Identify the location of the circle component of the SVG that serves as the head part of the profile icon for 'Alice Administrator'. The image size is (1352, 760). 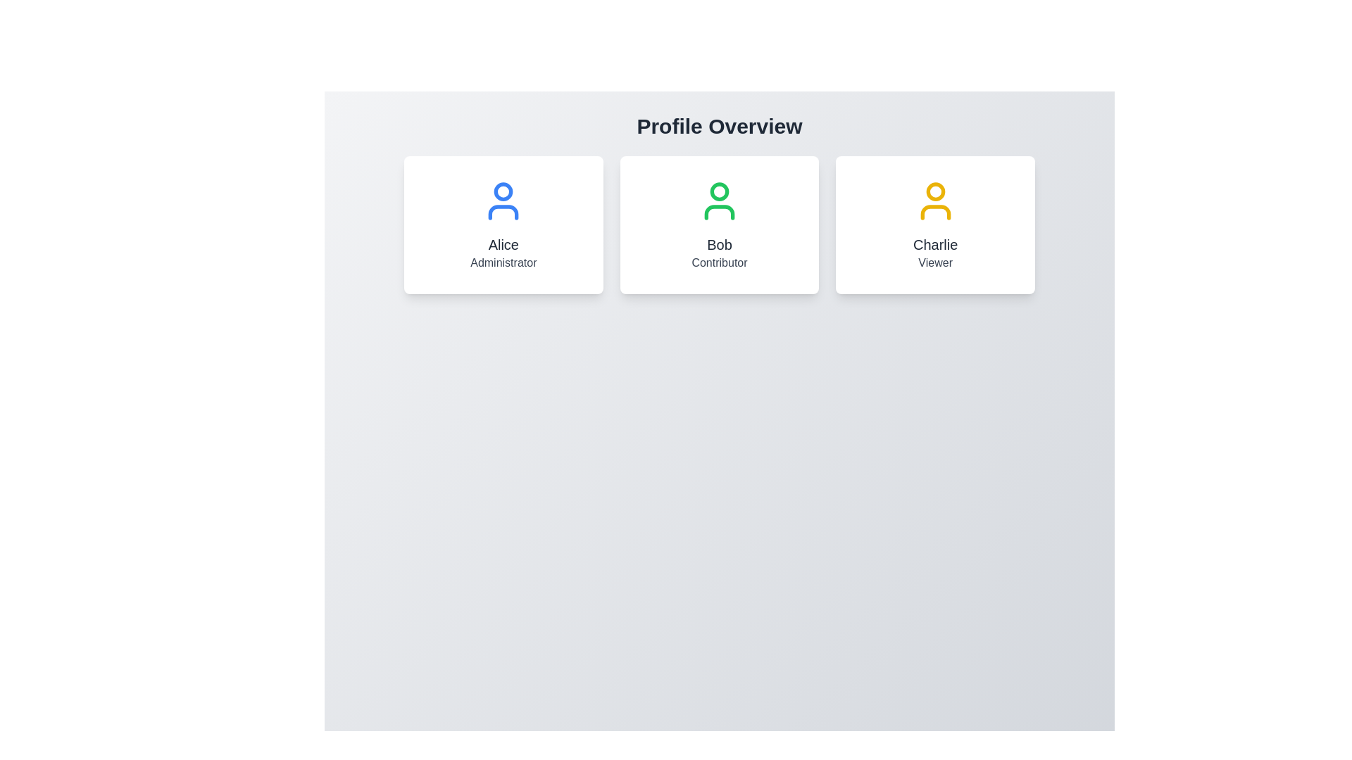
(503, 191).